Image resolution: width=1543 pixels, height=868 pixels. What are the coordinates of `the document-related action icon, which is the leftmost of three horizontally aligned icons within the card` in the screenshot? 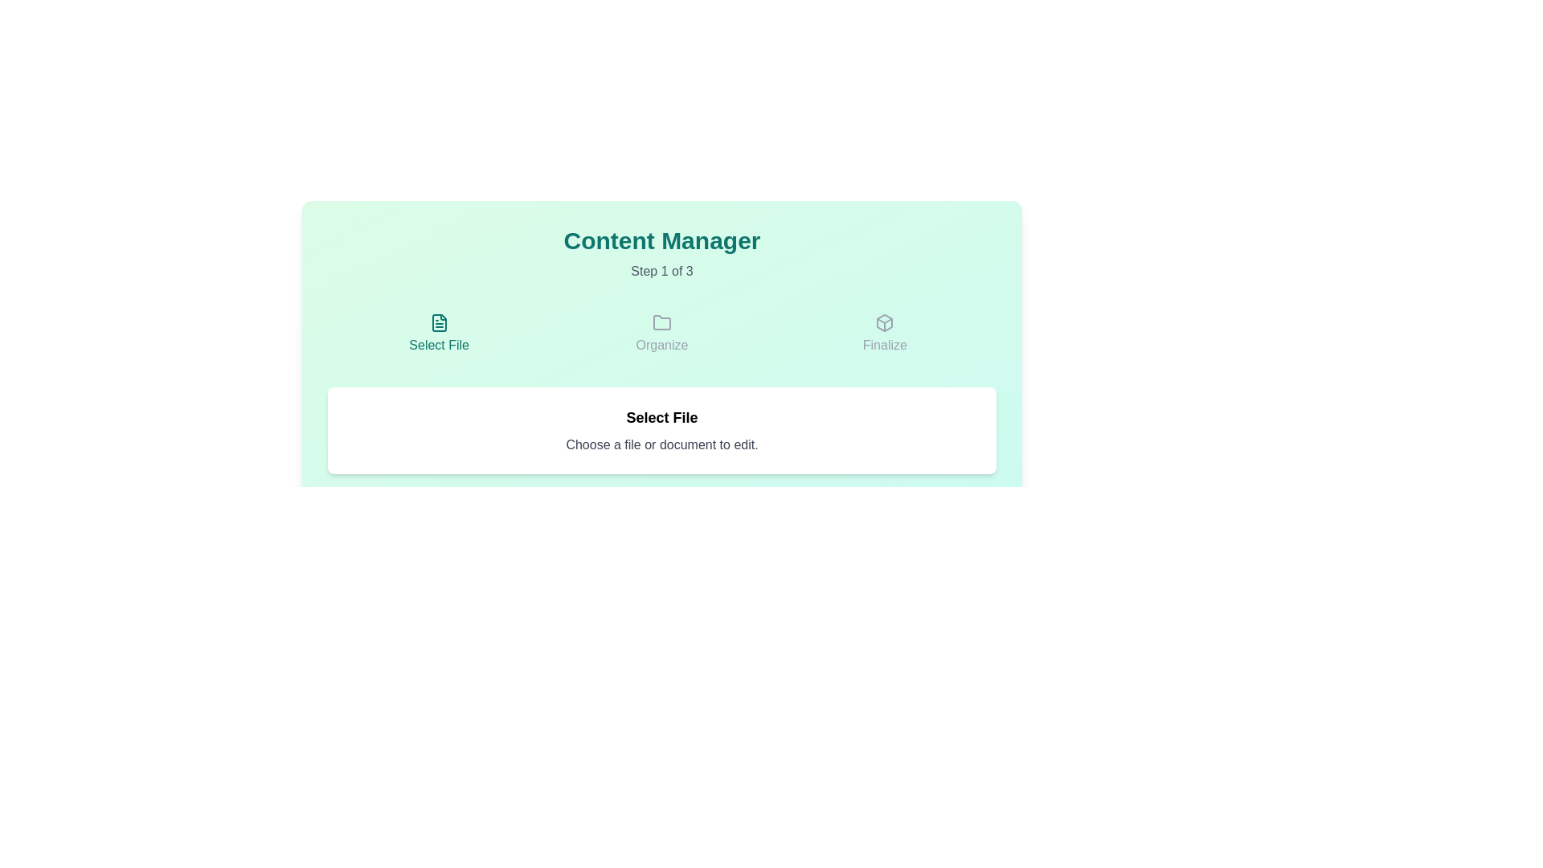 It's located at (439, 322).